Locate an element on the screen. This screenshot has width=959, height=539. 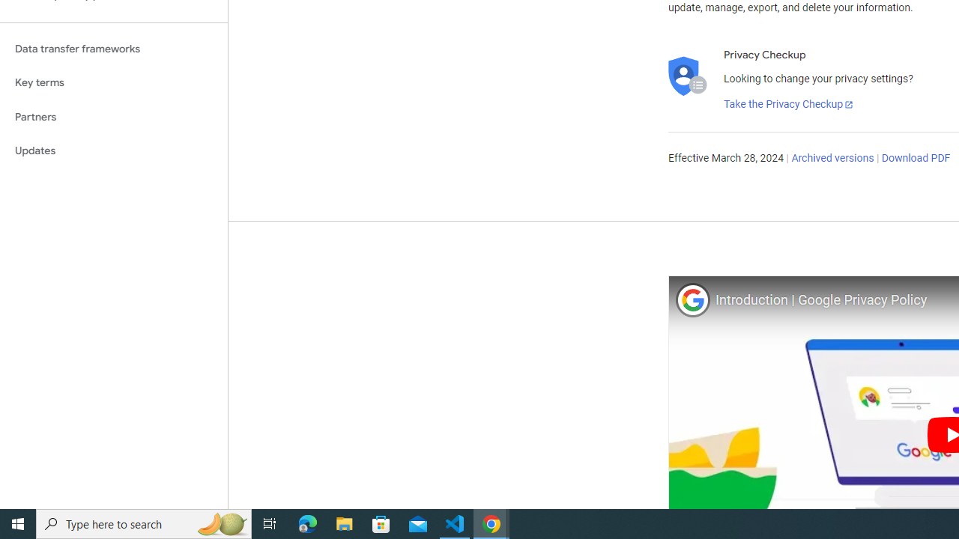
'Archived versions' is located at coordinates (832, 159).